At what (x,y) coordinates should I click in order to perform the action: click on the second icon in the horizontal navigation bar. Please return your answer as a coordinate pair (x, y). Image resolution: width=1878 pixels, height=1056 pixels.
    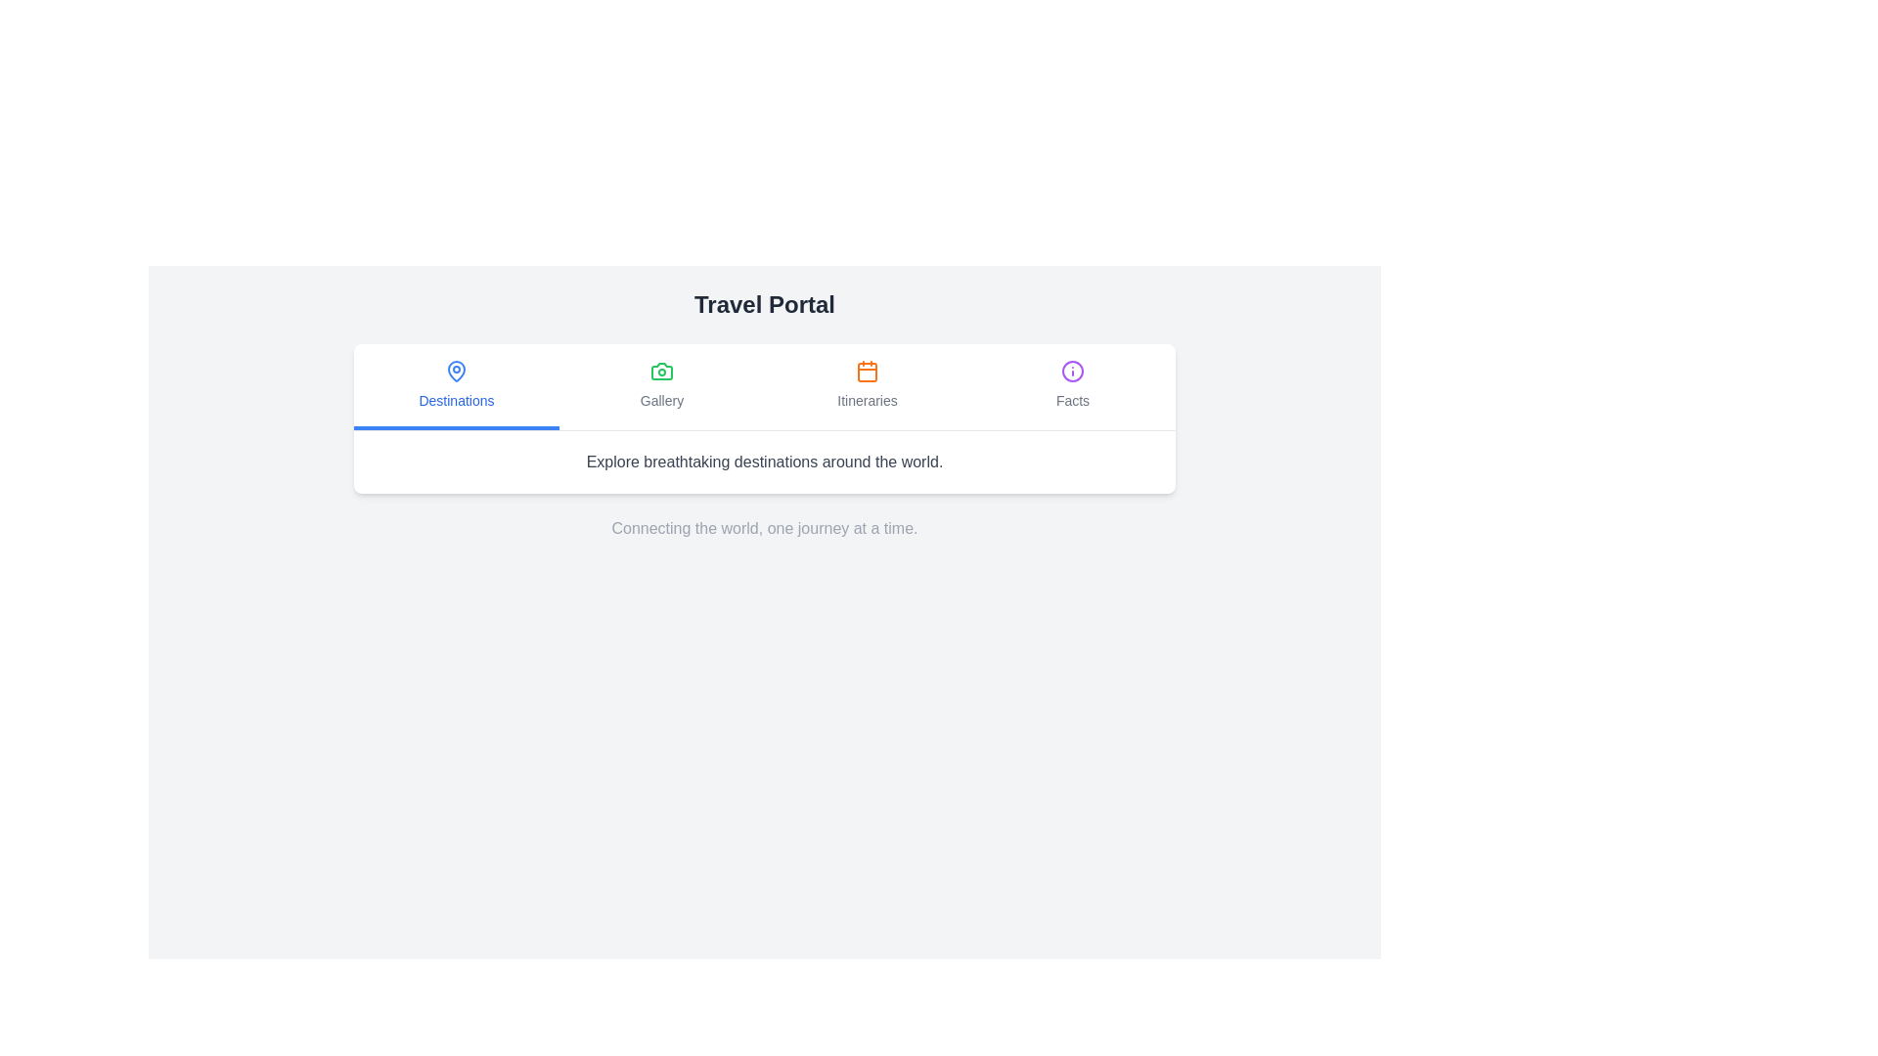
    Looking at the image, I should click on (661, 372).